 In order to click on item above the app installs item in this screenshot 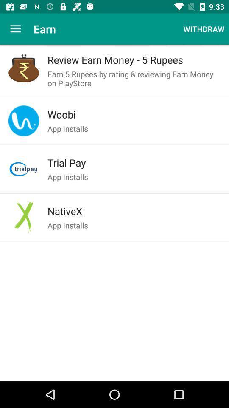, I will do `click(134, 210)`.